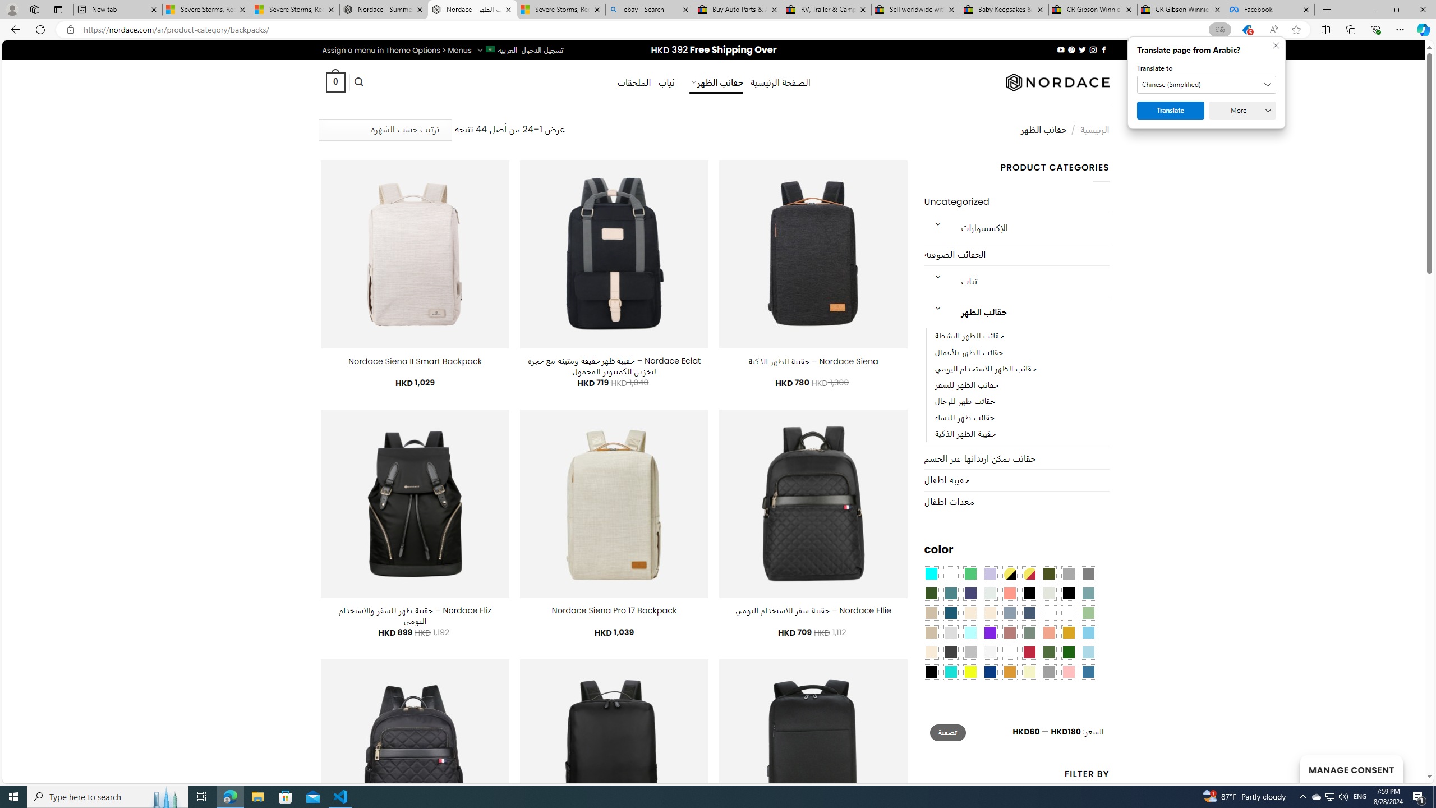 This screenshot has width=1436, height=808. I want to click on 'Hale Navy', so click(1029, 612).